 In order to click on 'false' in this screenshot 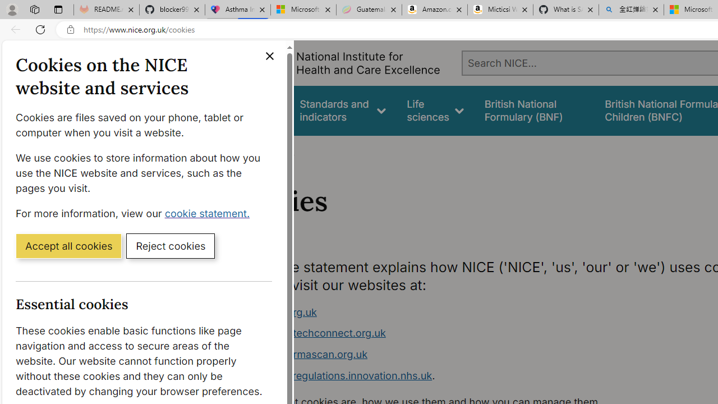, I will do `click(533, 111)`.